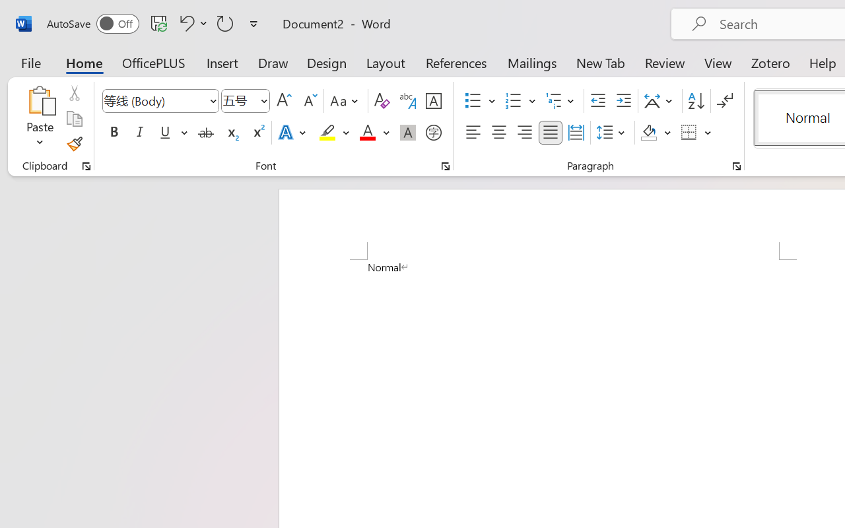  I want to click on 'Show/Hide Editing Marks', so click(724, 101).